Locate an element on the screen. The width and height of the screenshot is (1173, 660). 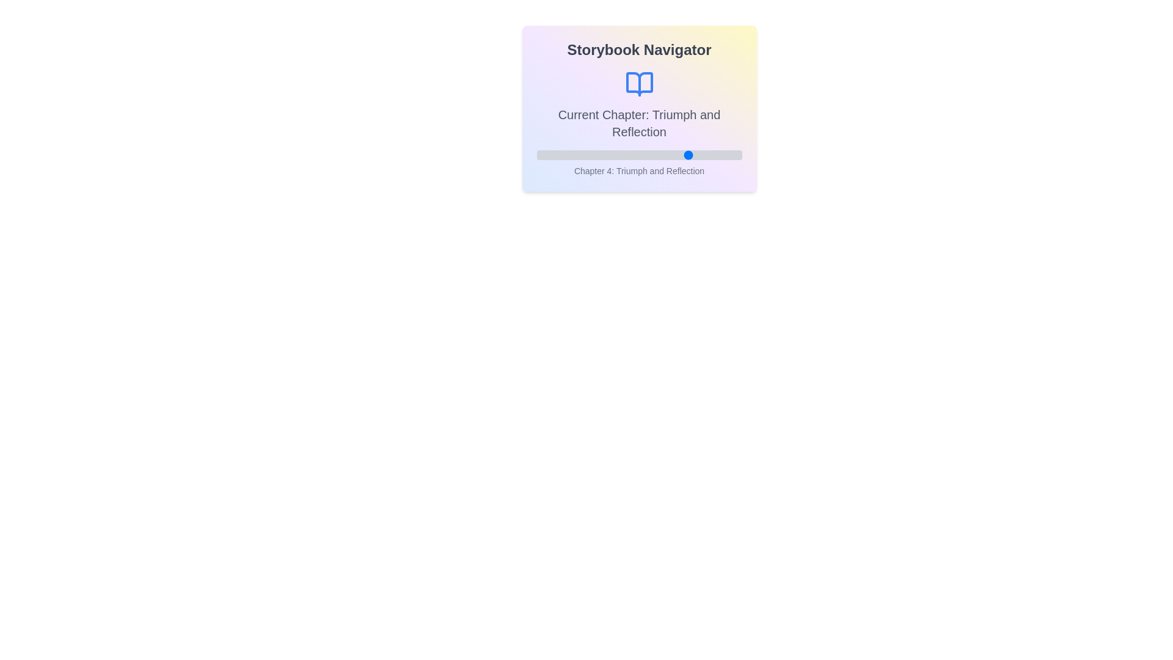
the decorative icon to inspect its visual representation is located at coordinates (638, 84).